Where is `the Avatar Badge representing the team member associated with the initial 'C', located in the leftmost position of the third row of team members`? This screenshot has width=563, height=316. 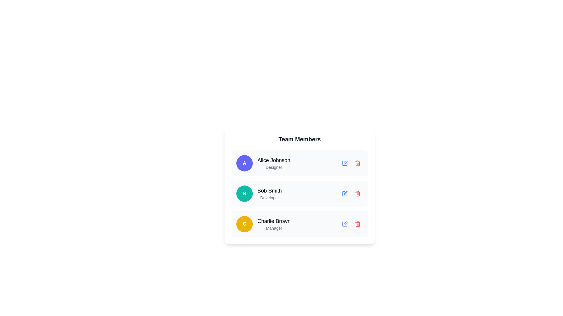 the Avatar Badge representing the team member associated with the initial 'C', located in the leftmost position of the third row of team members is located at coordinates (245, 224).